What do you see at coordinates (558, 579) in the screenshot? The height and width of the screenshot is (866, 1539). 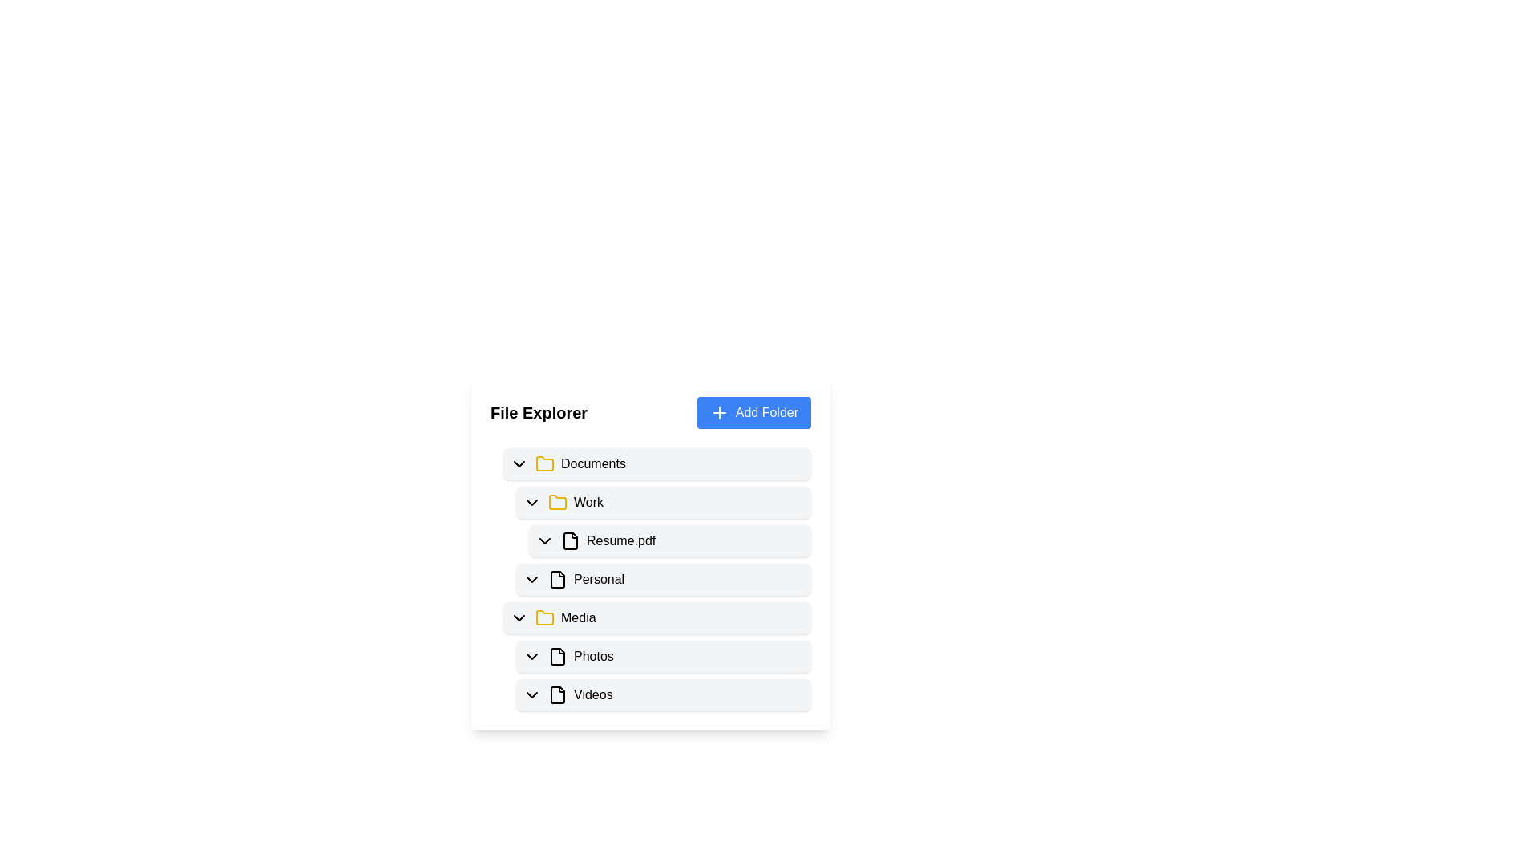 I see `the document file icon in the 'Personal' section of the 'File Explorer' interface, which is the second icon of its kind and is positioned to the left of the text label 'Personal'` at bounding box center [558, 579].